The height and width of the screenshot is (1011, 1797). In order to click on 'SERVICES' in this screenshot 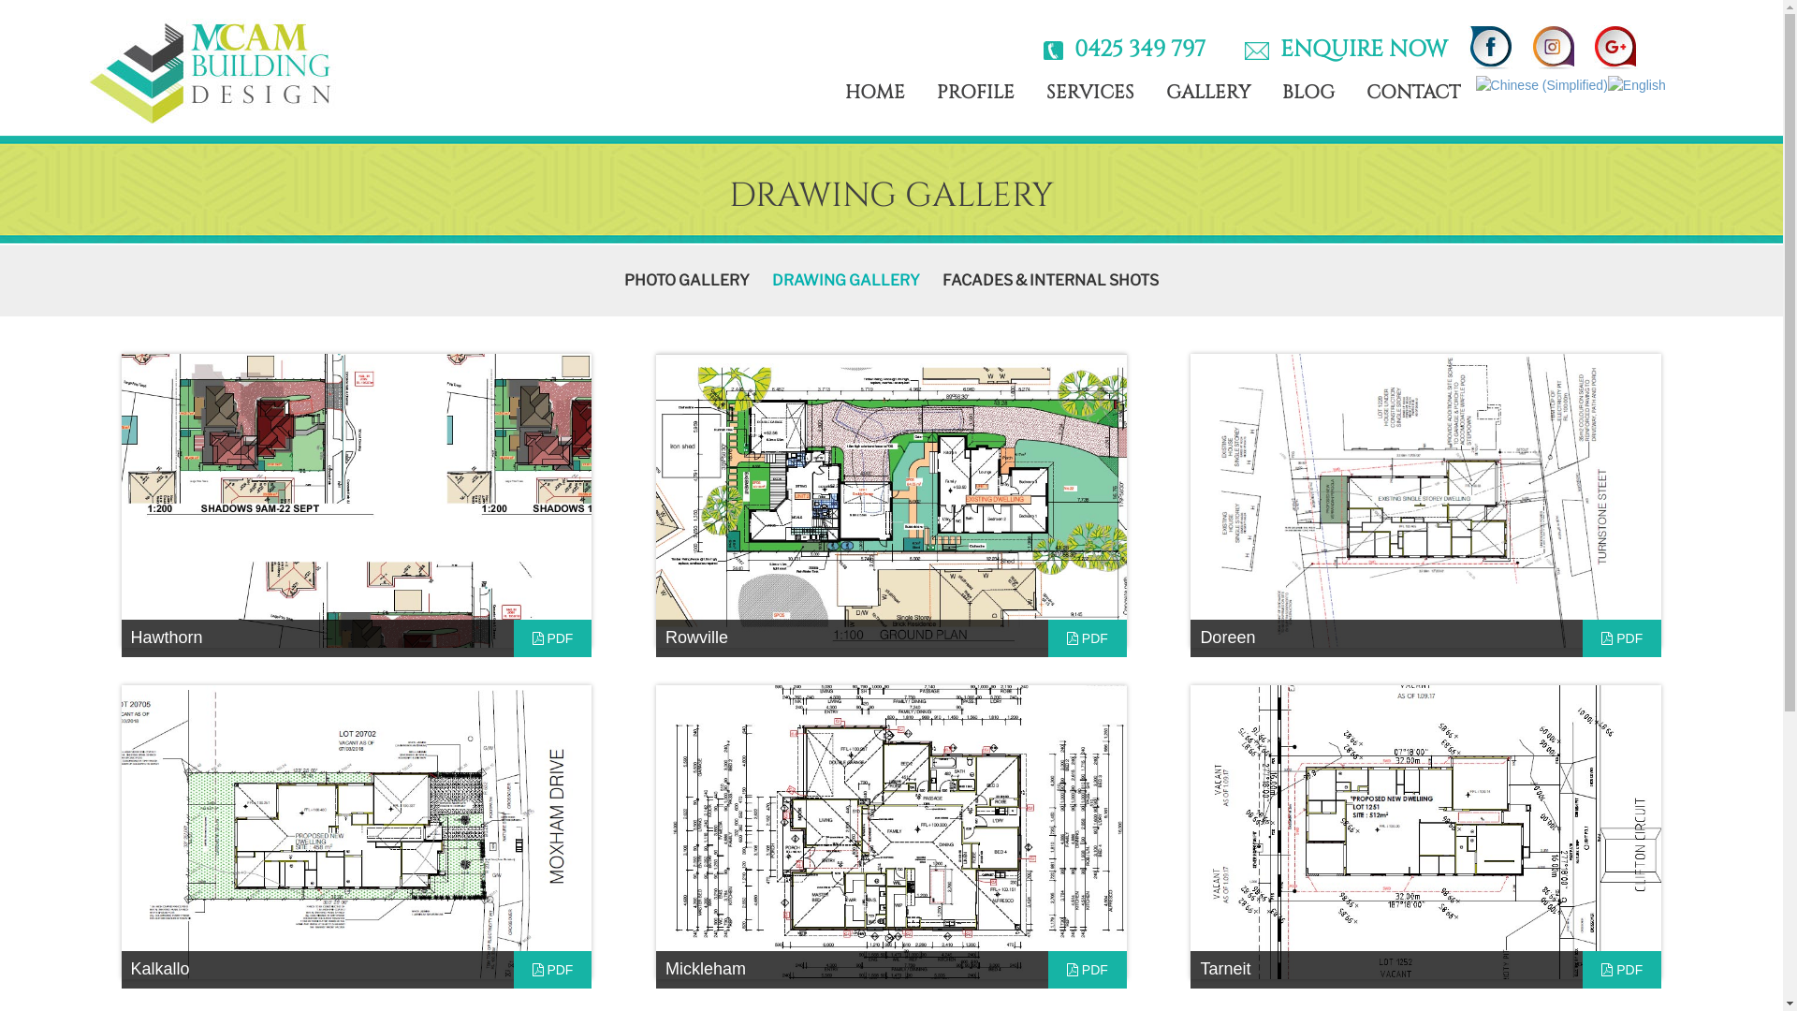, I will do `click(1090, 93)`.